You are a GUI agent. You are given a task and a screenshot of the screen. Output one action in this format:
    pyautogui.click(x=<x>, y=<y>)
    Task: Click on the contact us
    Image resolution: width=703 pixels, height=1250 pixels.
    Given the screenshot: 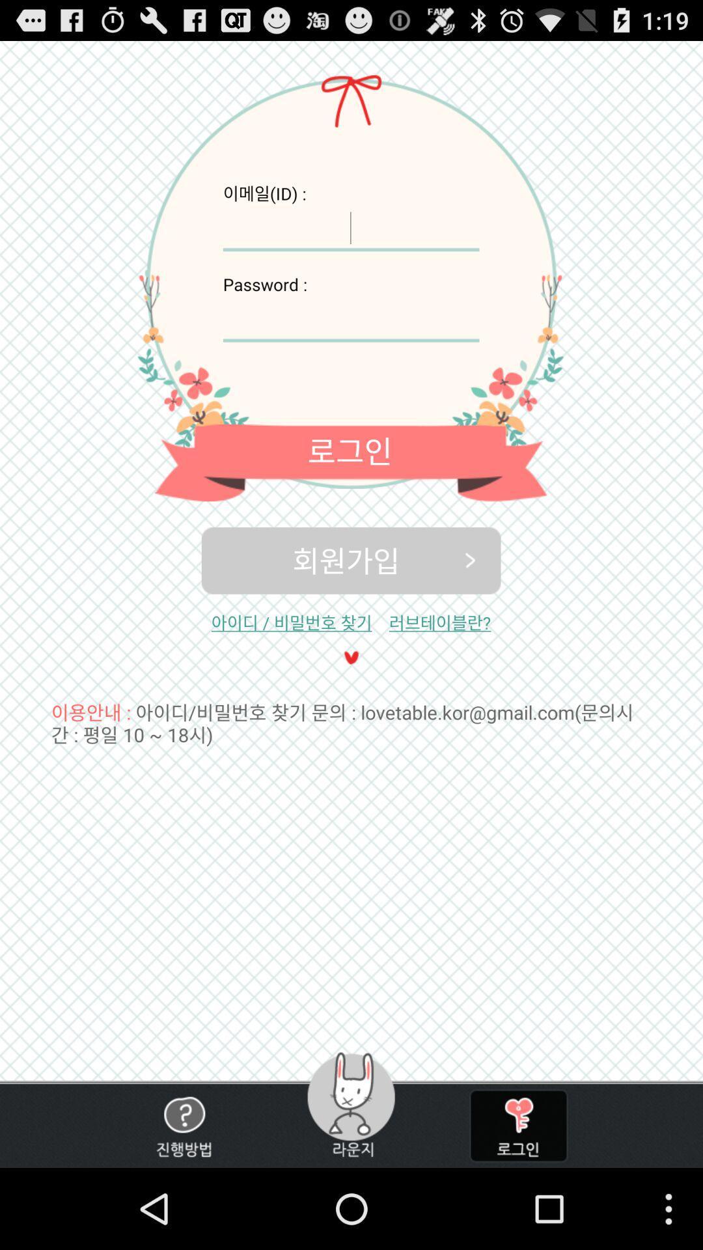 What is the action you would take?
    pyautogui.click(x=184, y=1125)
    